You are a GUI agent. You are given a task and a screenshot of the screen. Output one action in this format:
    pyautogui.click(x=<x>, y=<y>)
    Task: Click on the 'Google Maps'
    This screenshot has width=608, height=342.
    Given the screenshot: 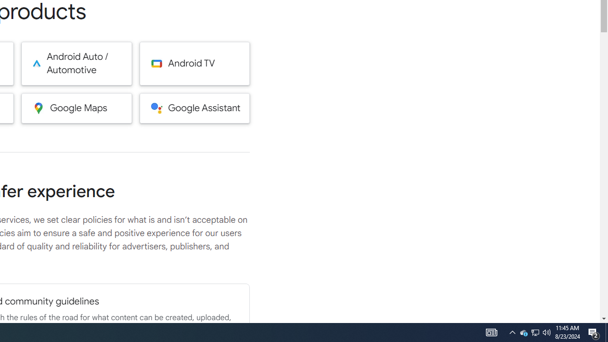 What is the action you would take?
    pyautogui.click(x=76, y=107)
    